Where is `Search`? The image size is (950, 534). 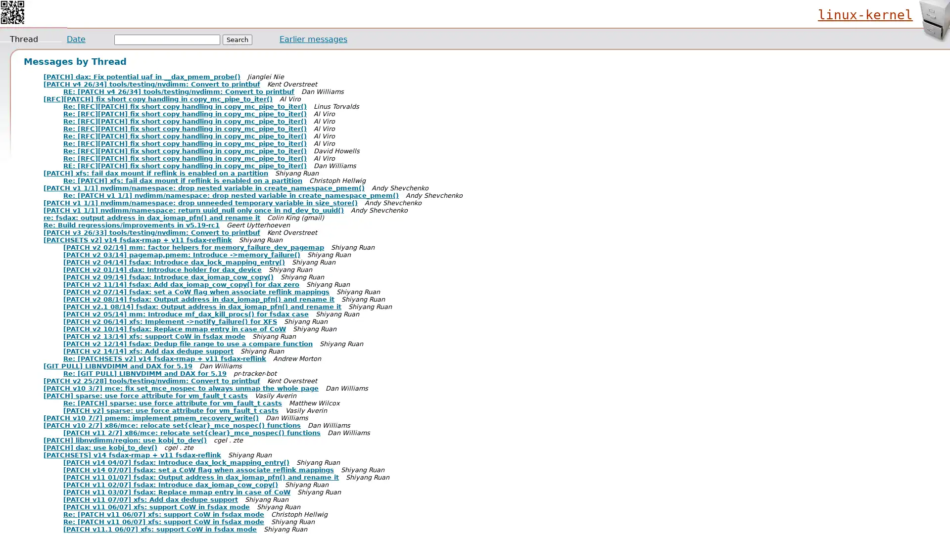
Search is located at coordinates (237, 39).